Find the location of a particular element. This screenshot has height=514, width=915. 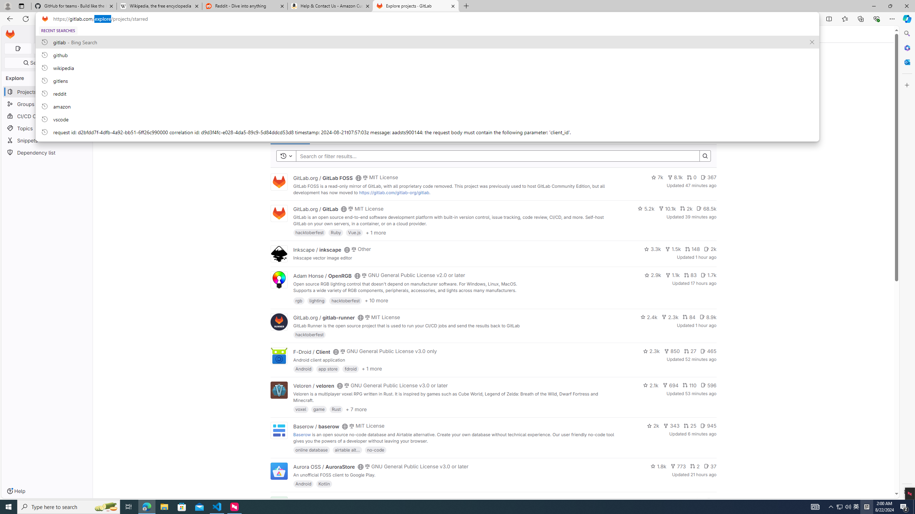

'7k' is located at coordinates (657, 177).